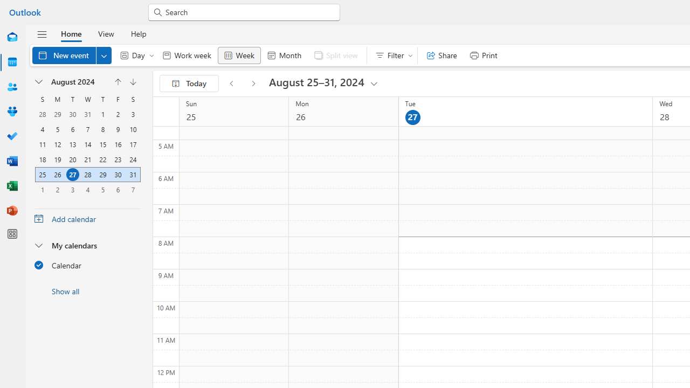 This screenshot has height=388, width=690. What do you see at coordinates (187, 55) in the screenshot?
I see `'Work week'` at bounding box center [187, 55].